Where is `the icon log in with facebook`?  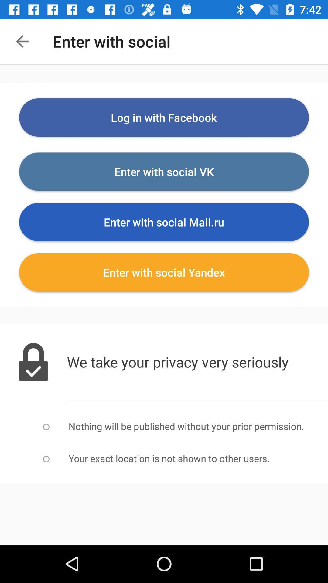 the icon log in with facebook is located at coordinates (164, 118).